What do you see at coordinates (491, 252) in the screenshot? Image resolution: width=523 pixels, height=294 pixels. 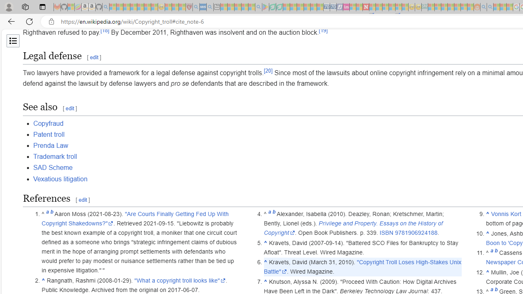 I see `'Jump up to: a'` at bounding box center [491, 252].